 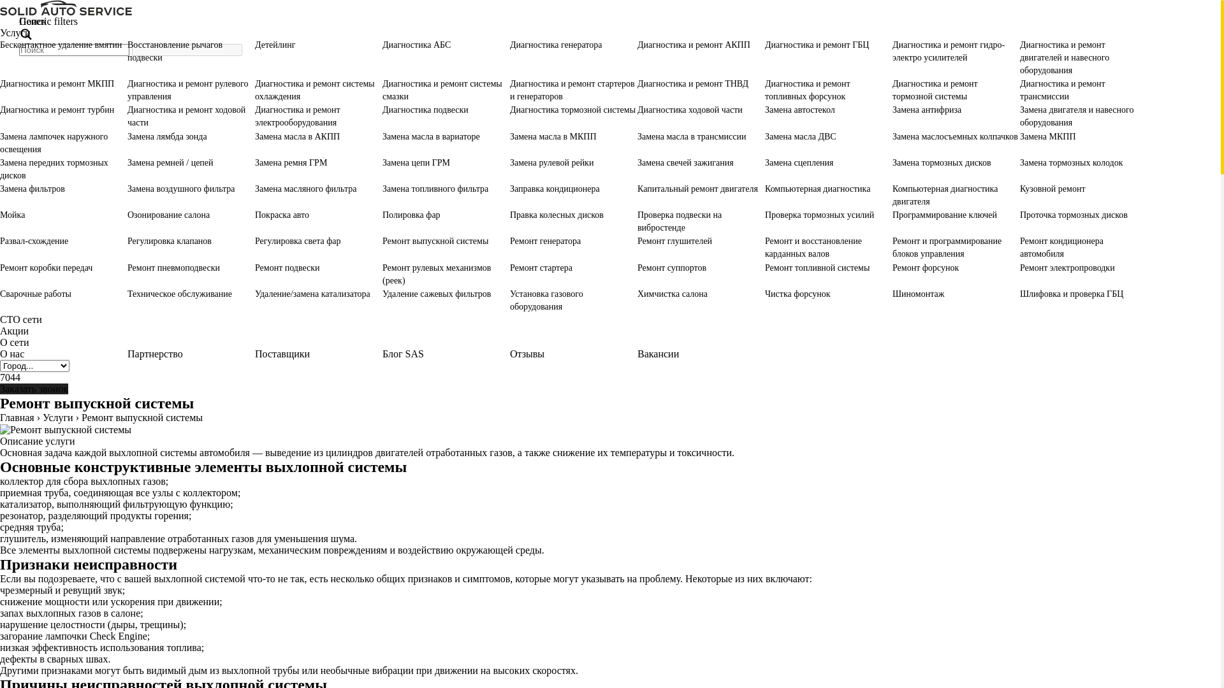 What do you see at coordinates (10, 376) in the screenshot?
I see `'7044'` at bounding box center [10, 376].